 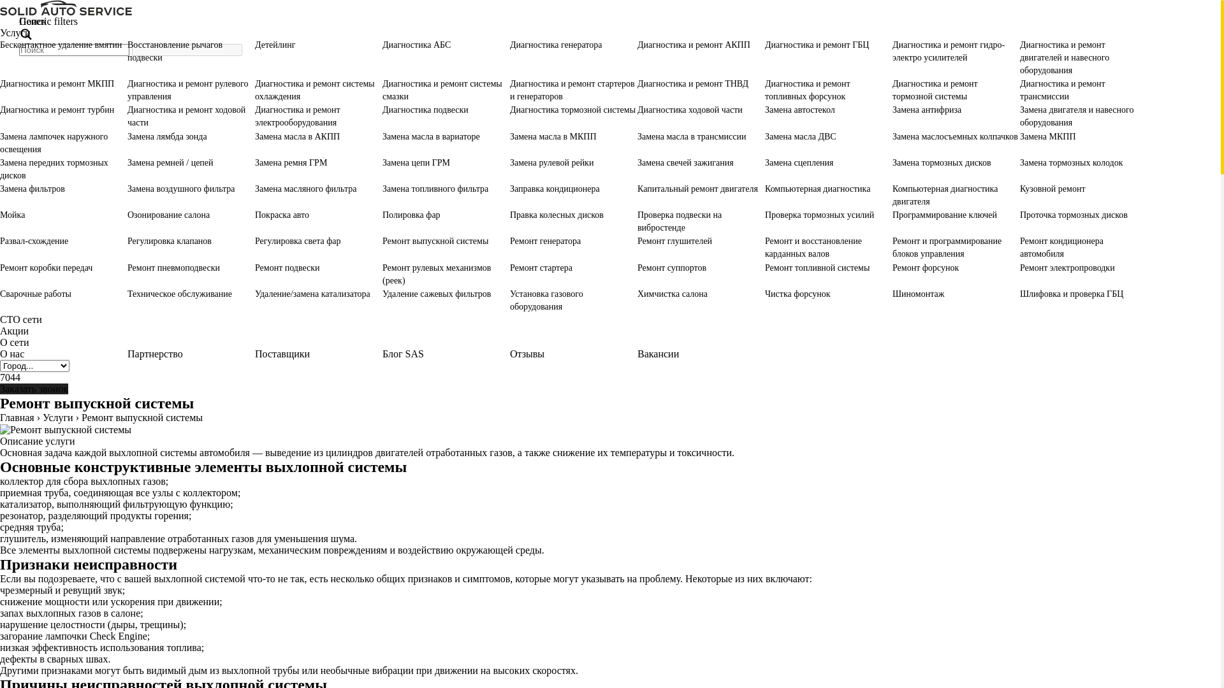 What do you see at coordinates (10, 376) in the screenshot?
I see `'7044'` at bounding box center [10, 376].